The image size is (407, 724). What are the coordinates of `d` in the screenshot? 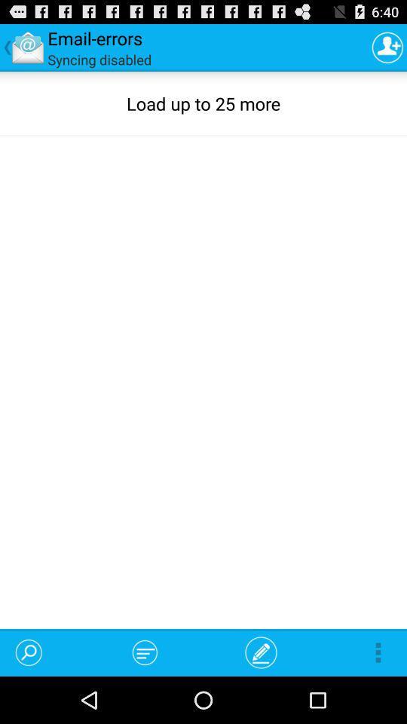 It's located at (387, 47).